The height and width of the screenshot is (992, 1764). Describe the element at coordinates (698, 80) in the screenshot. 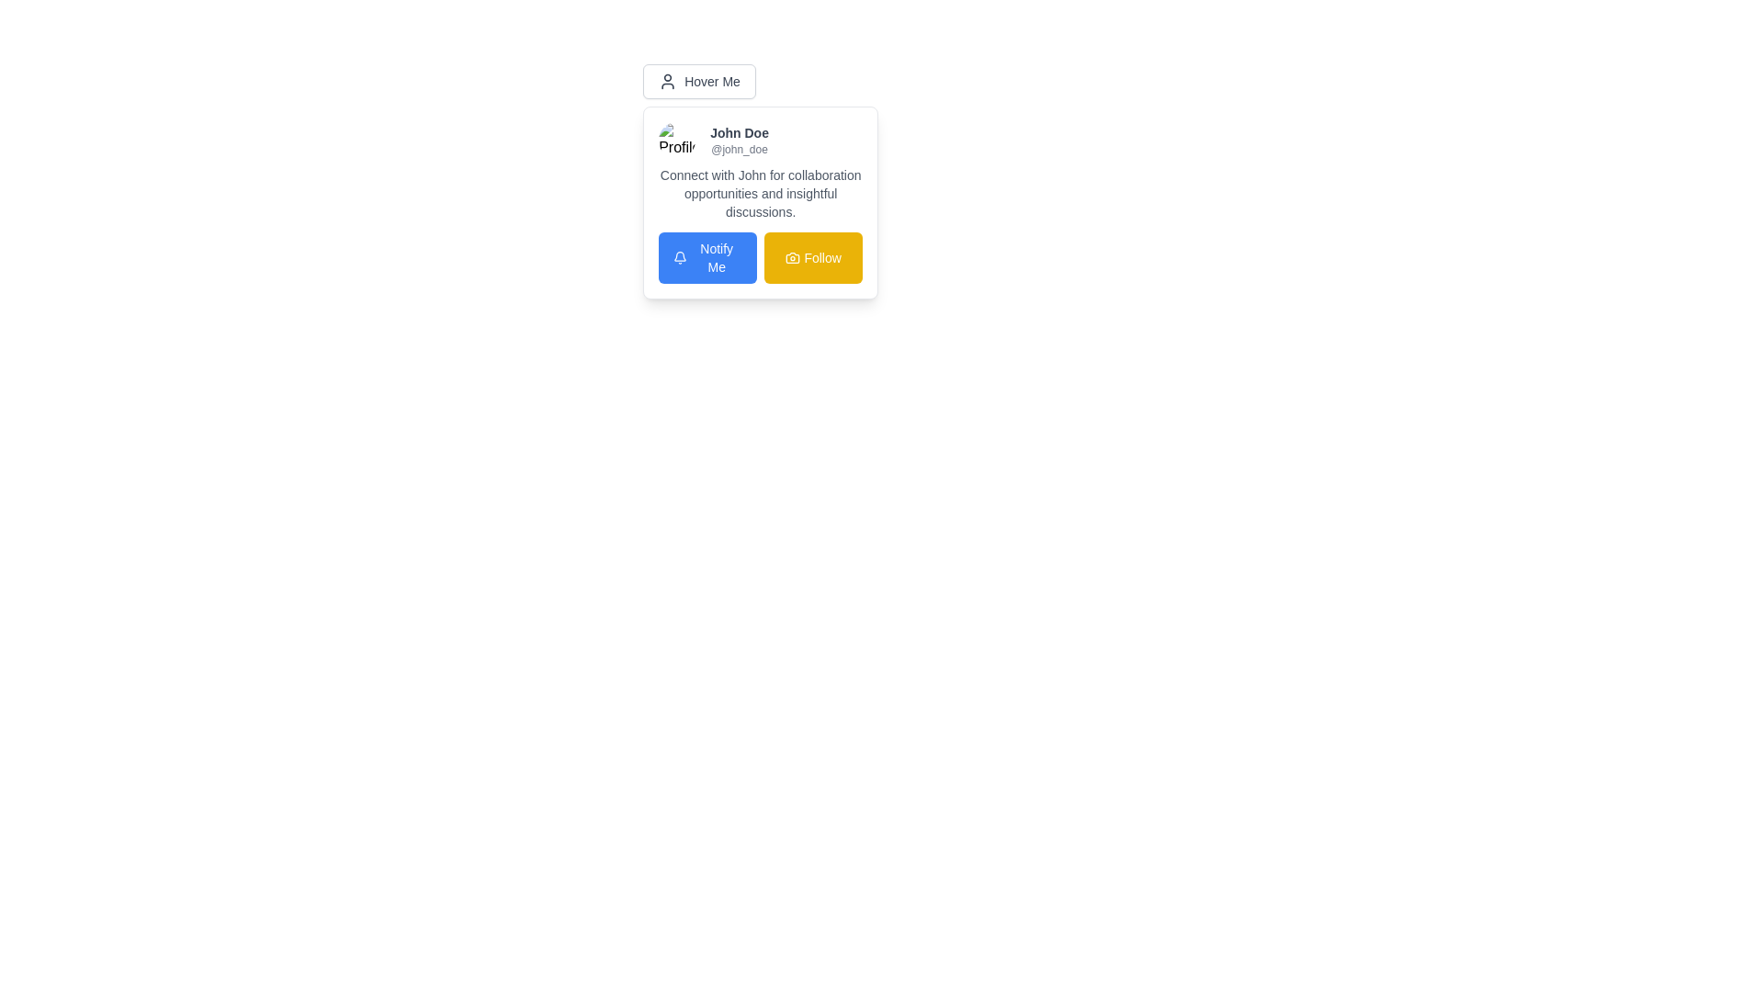

I see `the button labeled 'Hover Me' which has a user silhouette icon, located above the user profile preview box` at that location.